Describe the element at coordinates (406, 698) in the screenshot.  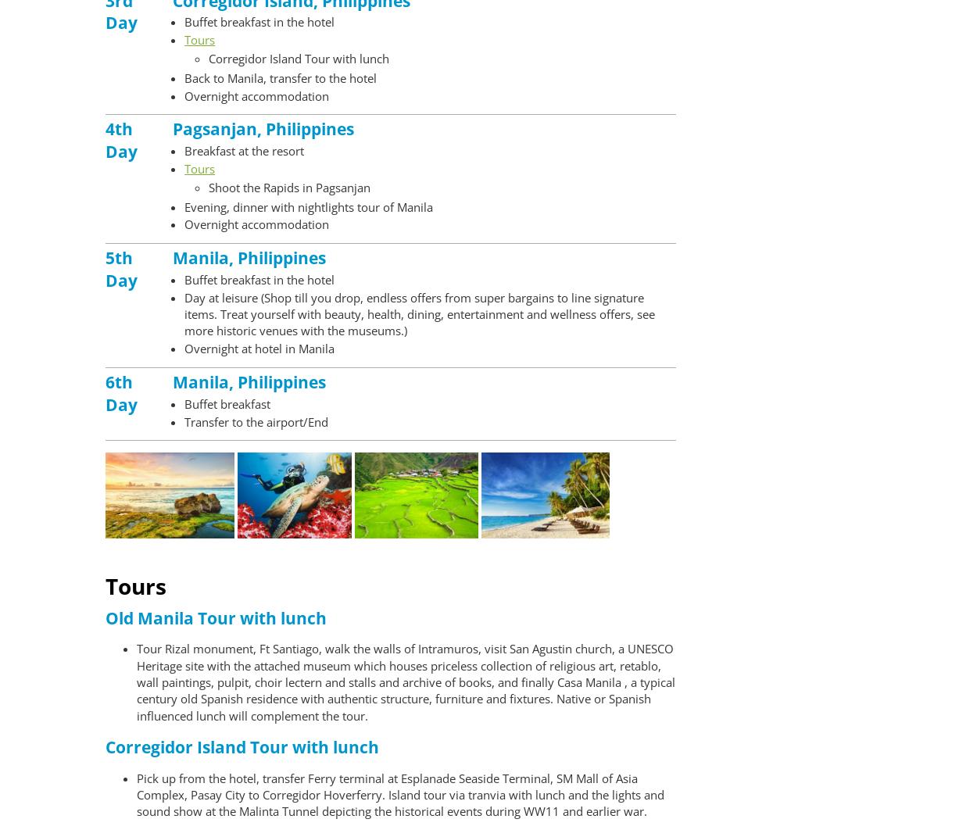
I see `', a typical century old Spanish residence with authentic structure, furniture and fixtures. Native or Spanish influenced lunch will complement the tour.'` at that location.